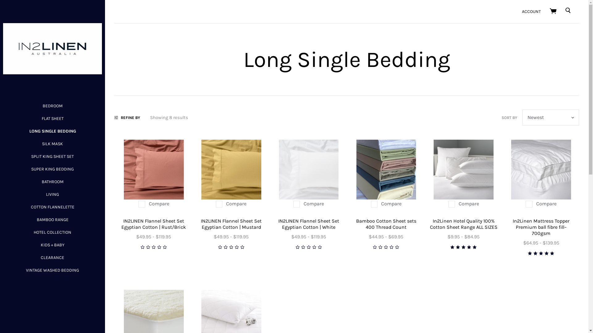  What do you see at coordinates (154, 224) in the screenshot?
I see `'IN2LINEN Flannel Sheet Set Egyptian Cotton | Rust/Brick'` at bounding box center [154, 224].